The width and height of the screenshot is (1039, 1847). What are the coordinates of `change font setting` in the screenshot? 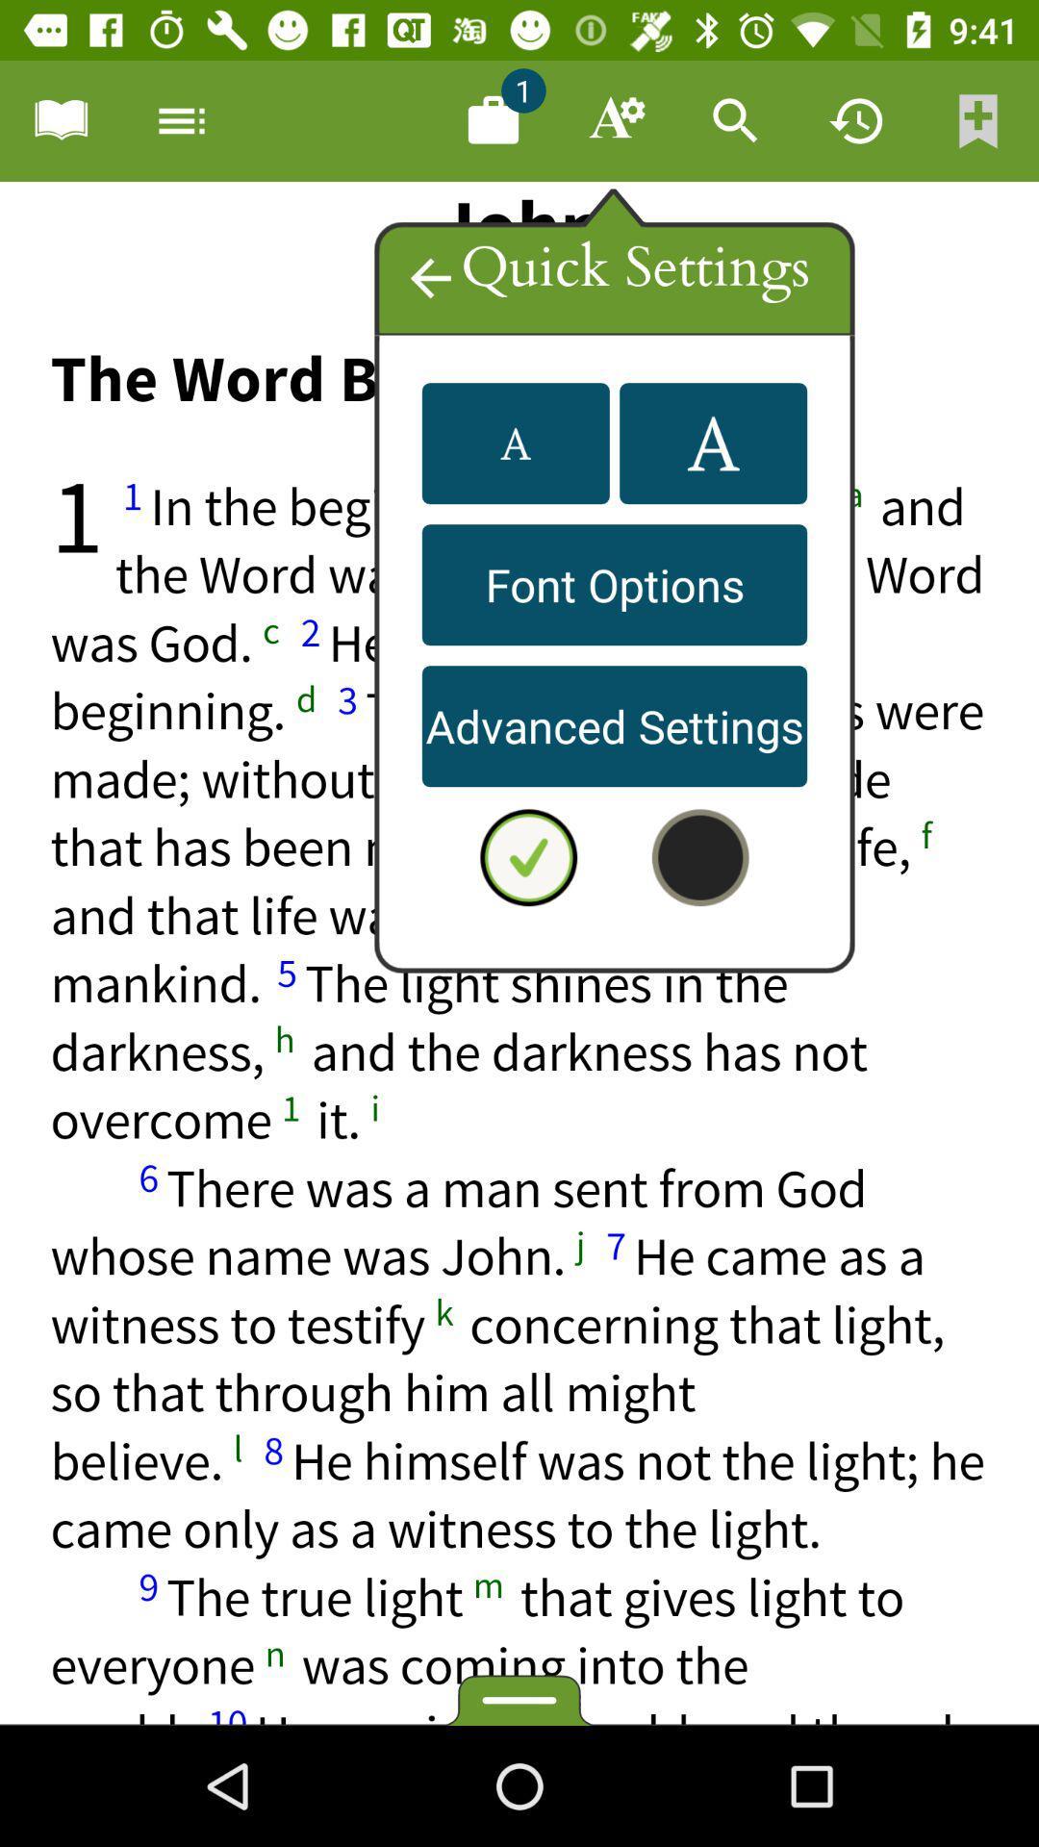 It's located at (515, 443).